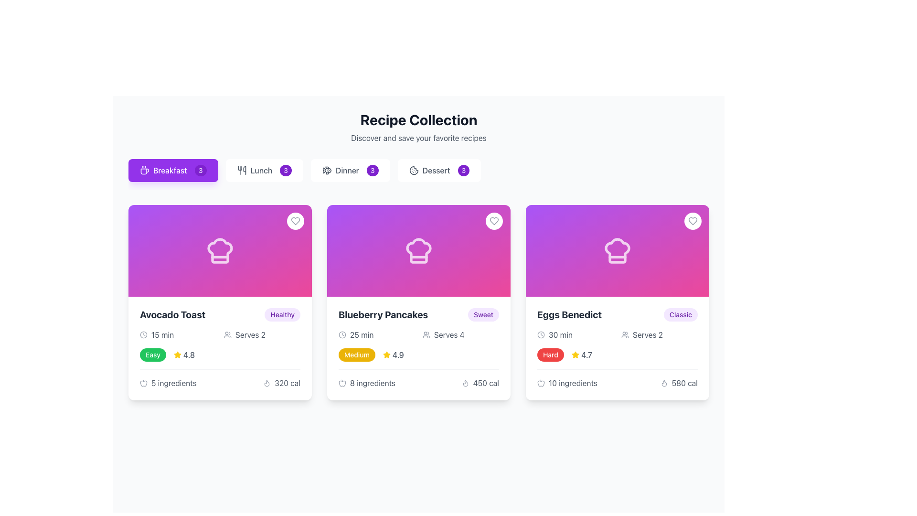  Describe the element at coordinates (436, 170) in the screenshot. I see `the text label that serves as a descriptor for a category related to desserts, positioned between a cookie icon and a badge with the number '3'` at that location.